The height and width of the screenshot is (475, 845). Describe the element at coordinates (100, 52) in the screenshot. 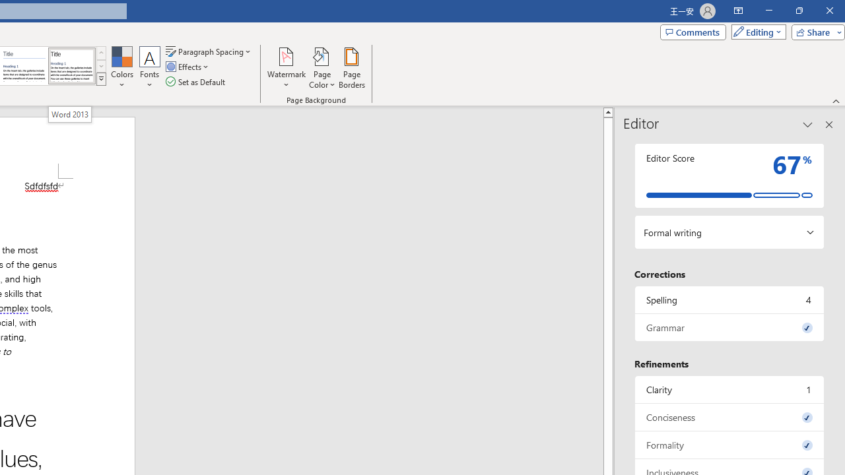

I see `'Row up'` at that location.